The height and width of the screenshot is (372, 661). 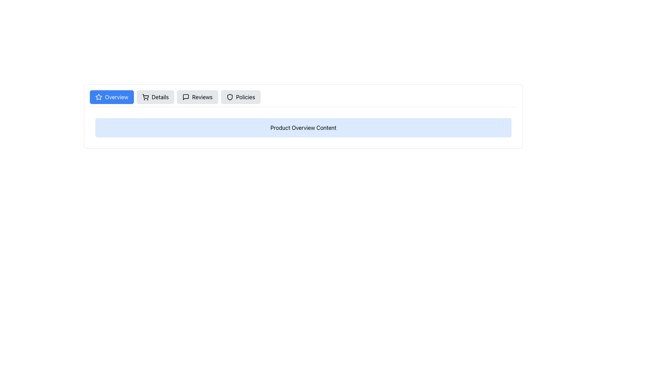 What do you see at coordinates (197, 97) in the screenshot?
I see `the 'Reviews' button, which is the third button from the left in the navigation row` at bounding box center [197, 97].